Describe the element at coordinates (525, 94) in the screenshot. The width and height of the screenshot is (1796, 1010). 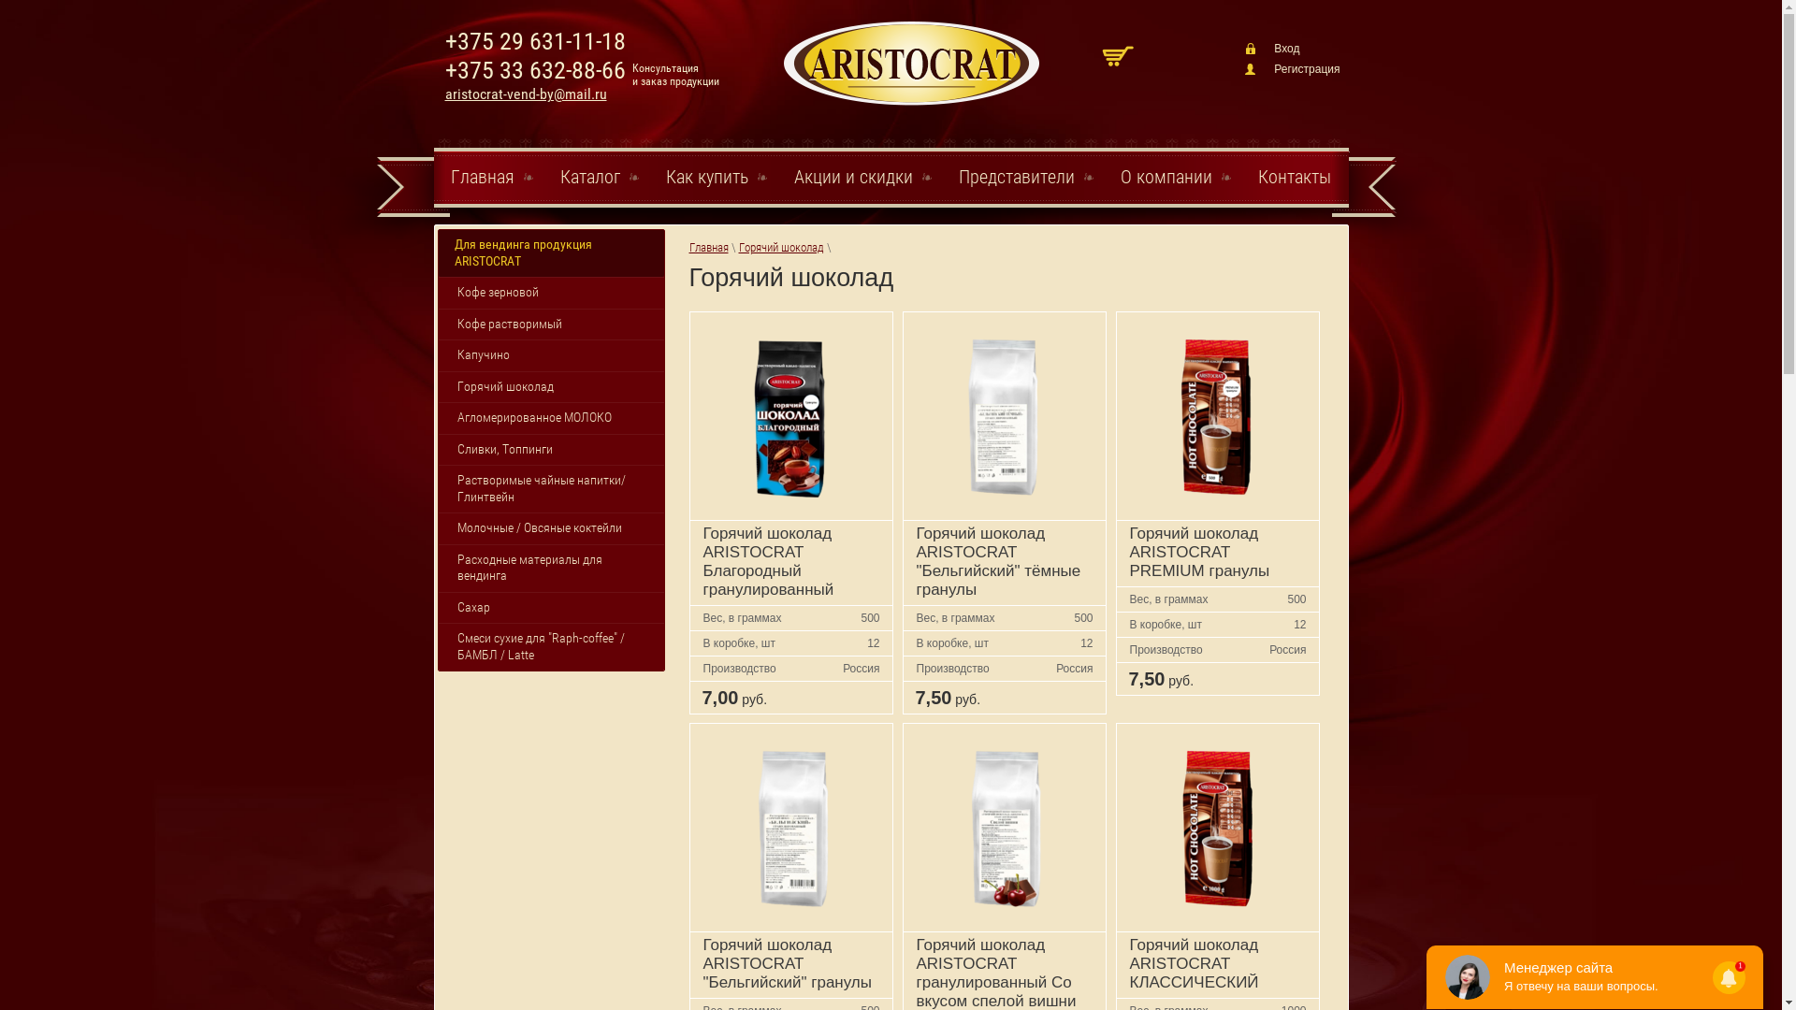
I see `'aristocrat-vend-by@mail.ru'` at that location.